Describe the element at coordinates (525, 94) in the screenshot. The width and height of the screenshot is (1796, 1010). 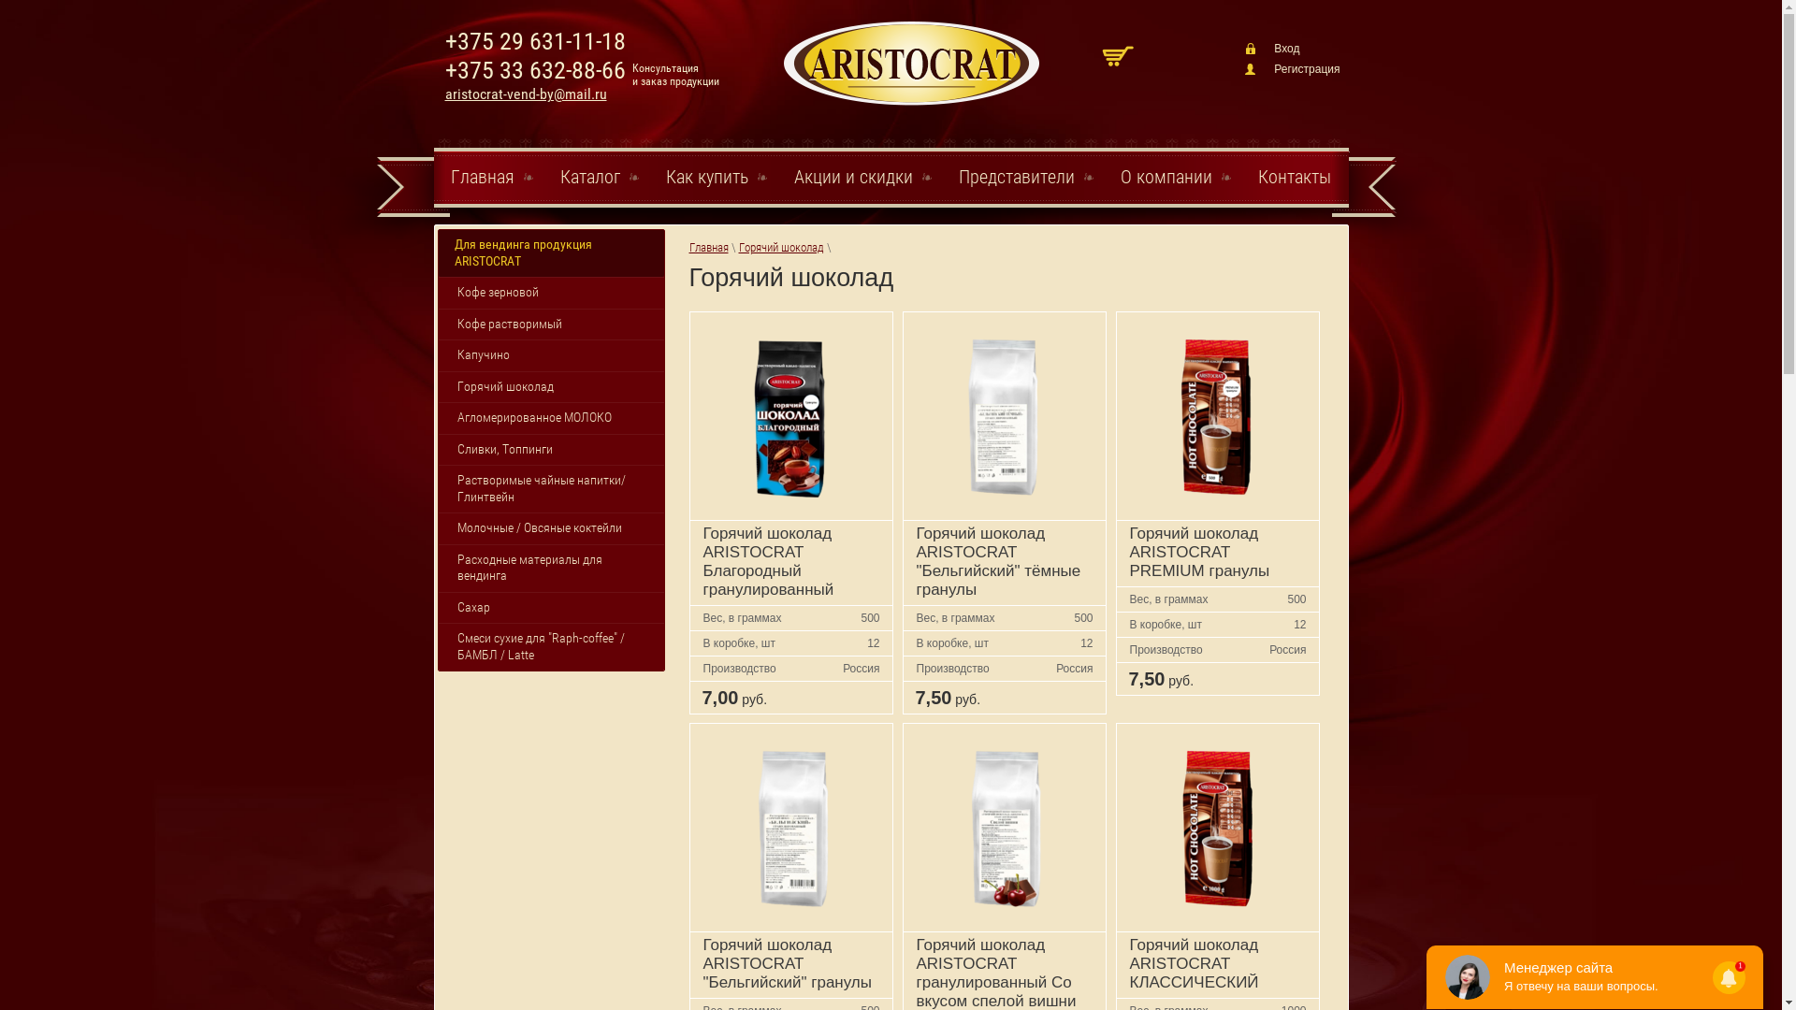
I see `'aristocrat-vend-by@mail.ru'` at that location.